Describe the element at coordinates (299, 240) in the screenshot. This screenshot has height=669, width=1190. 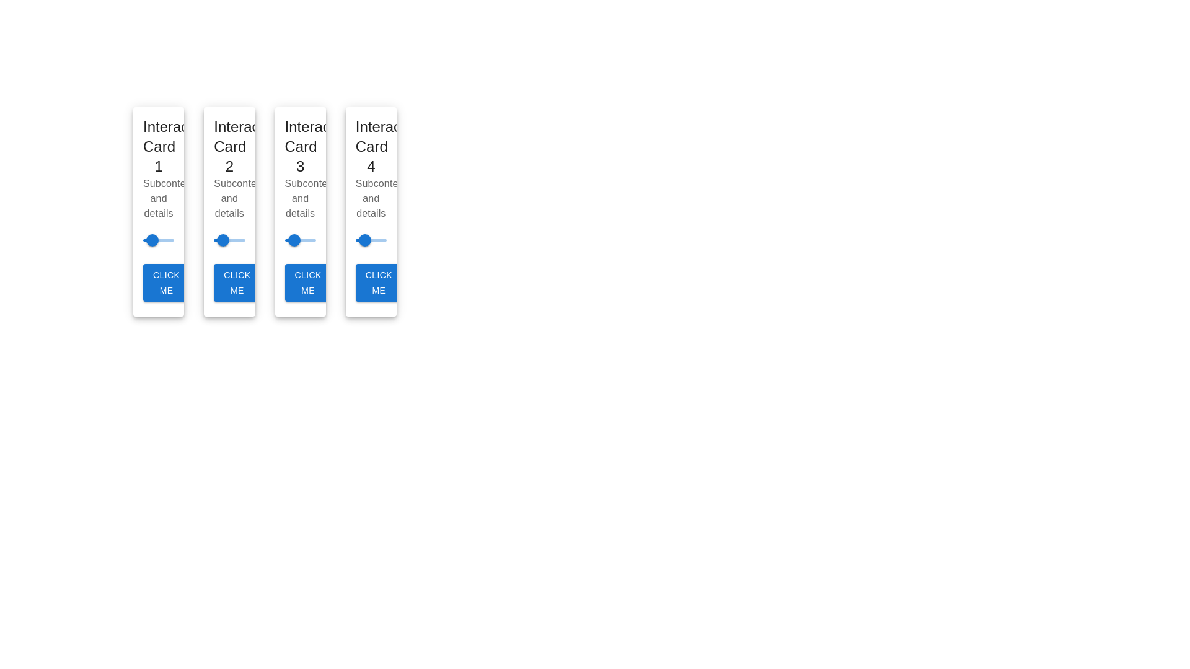
I see `the slider's value` at that location.